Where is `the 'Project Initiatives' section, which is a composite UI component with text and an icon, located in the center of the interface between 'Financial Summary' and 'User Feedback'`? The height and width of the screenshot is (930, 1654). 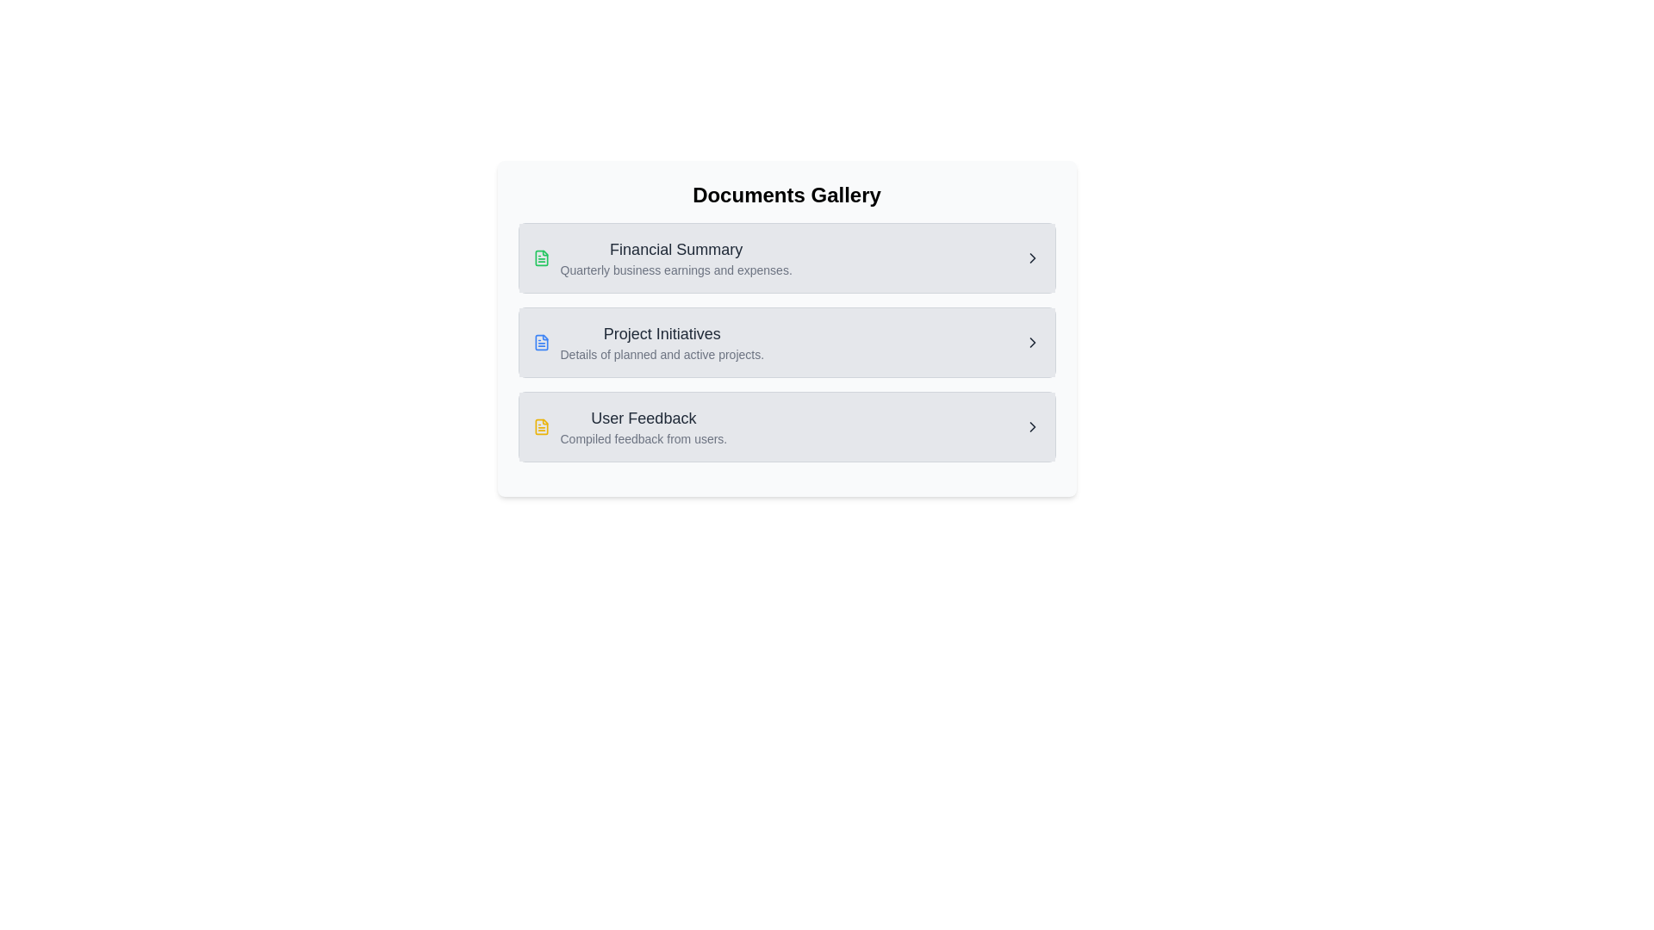
the 'Project Initiatives' section, which is a composite UI component with text and an icon, located in the center of the interface between 'Financial Summary' and 'User Feedback' is located at coordinates (647, 342).